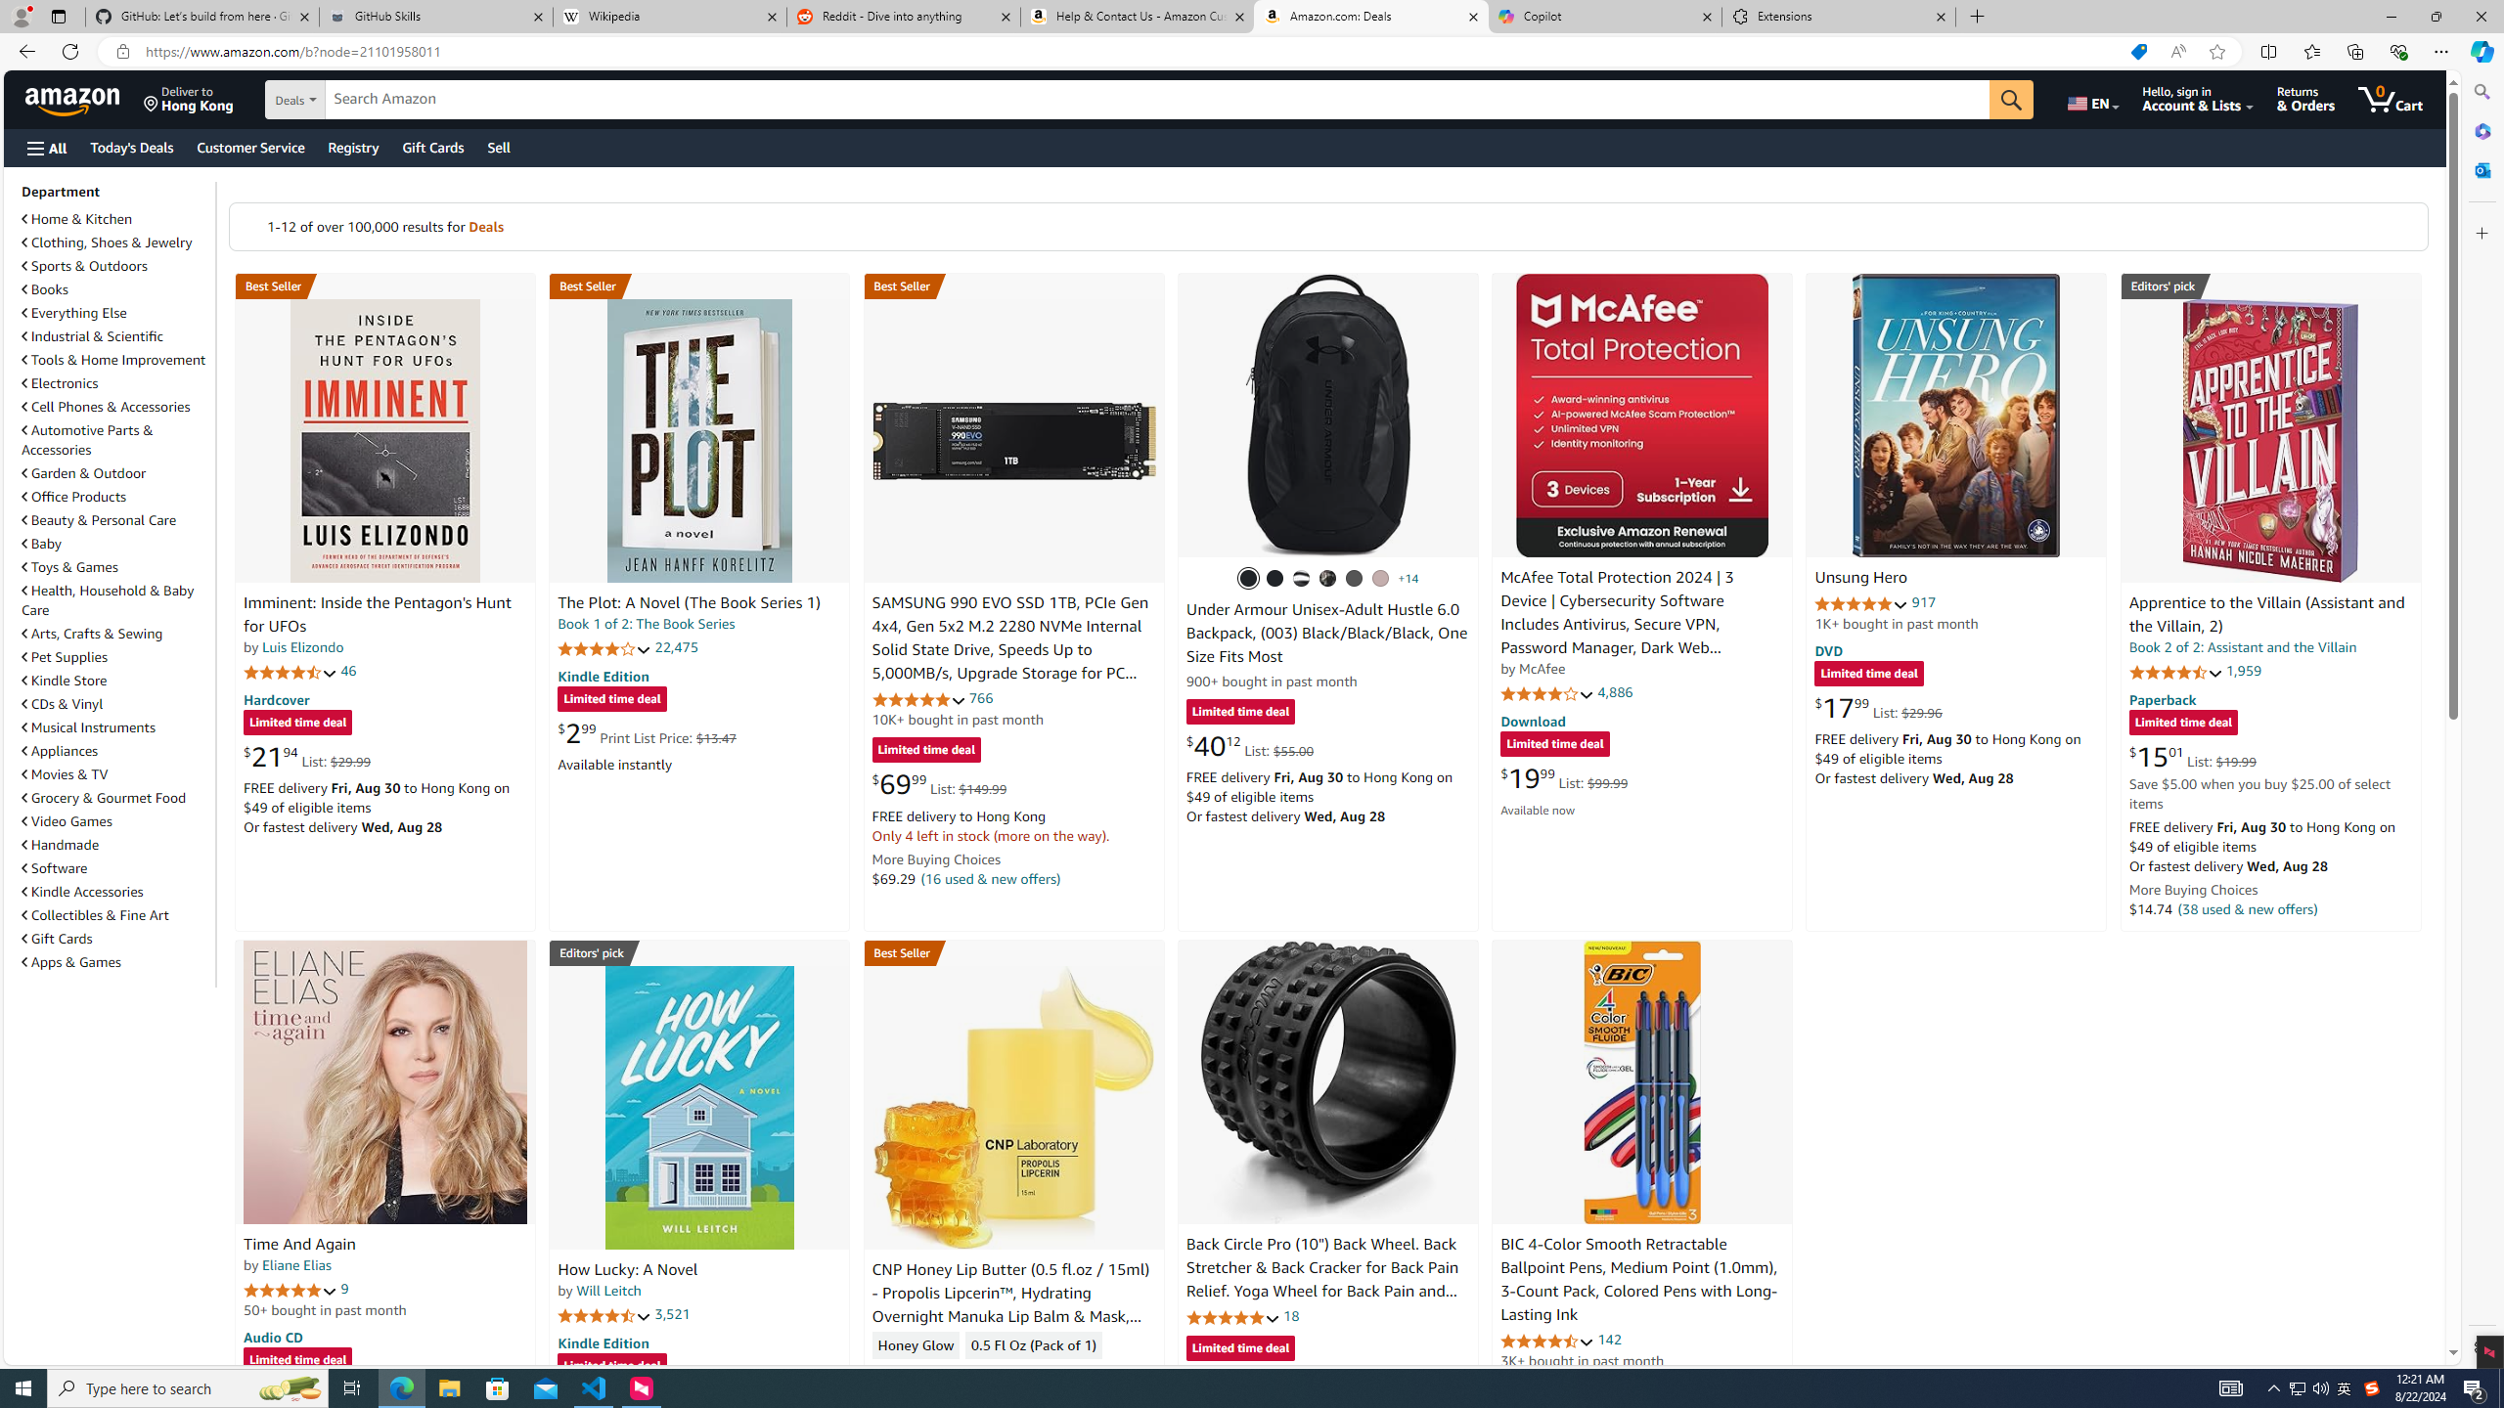  I want to click on '+14', so click(1408, 577).